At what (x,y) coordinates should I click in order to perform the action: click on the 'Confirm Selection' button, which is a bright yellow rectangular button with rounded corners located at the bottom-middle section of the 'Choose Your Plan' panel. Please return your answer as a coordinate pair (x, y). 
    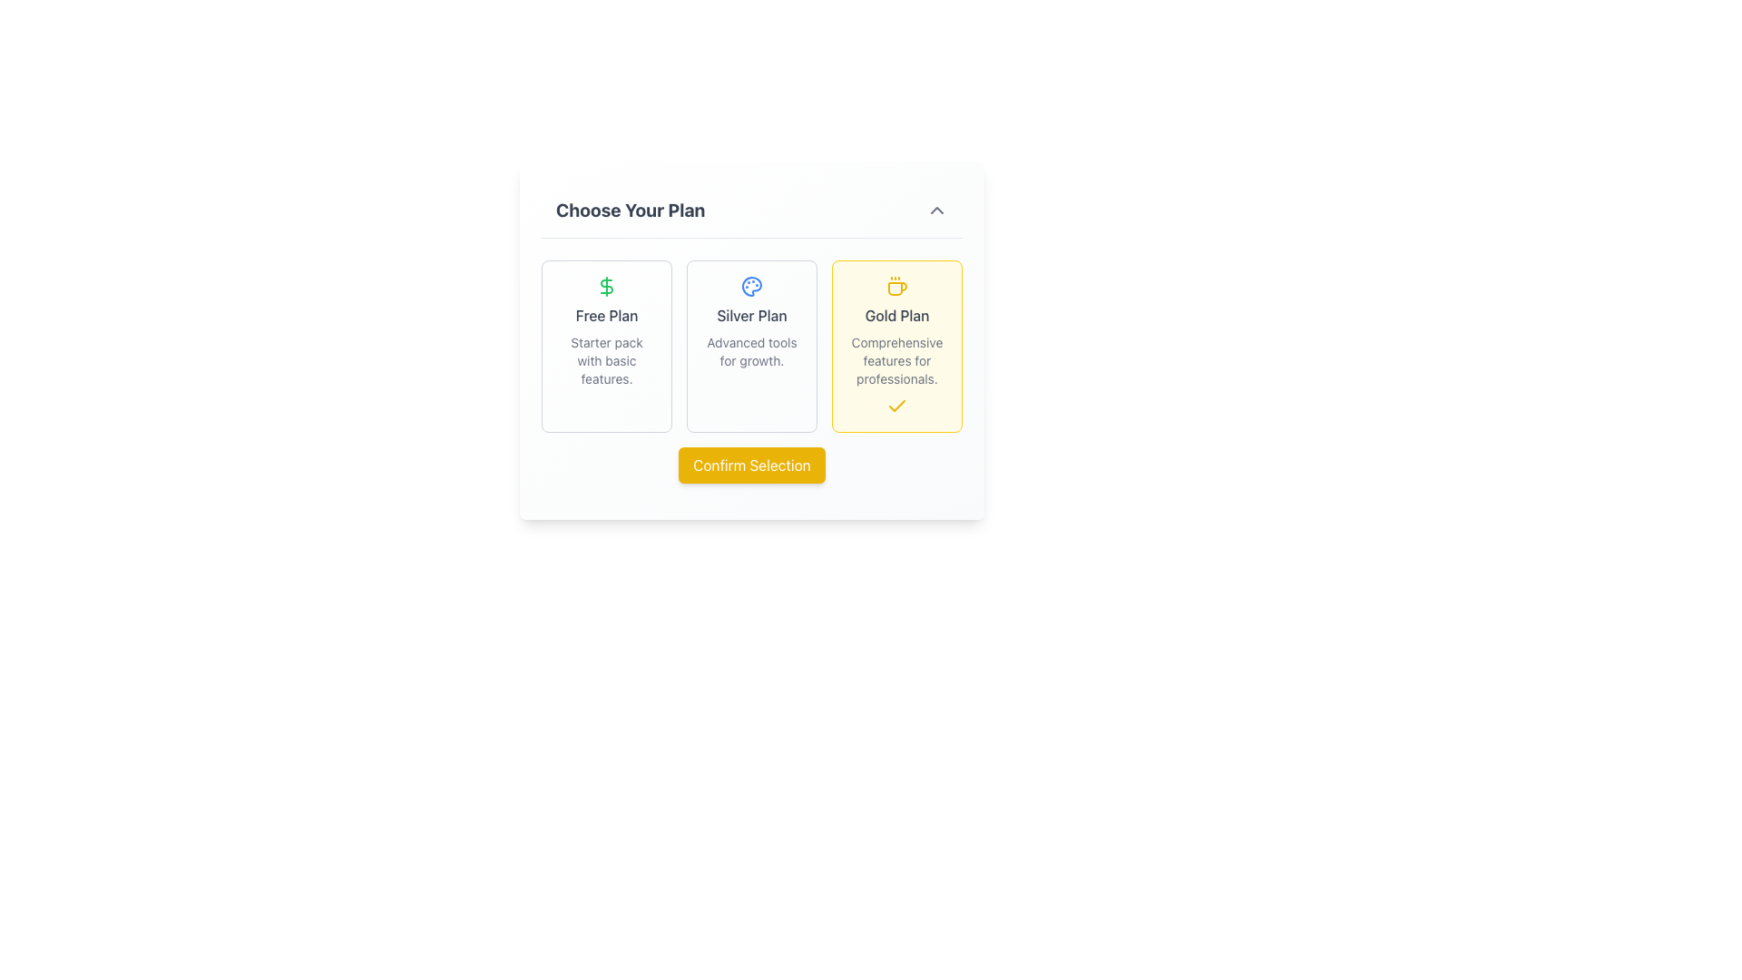
    Looking at the image, I should click on (752, 465).